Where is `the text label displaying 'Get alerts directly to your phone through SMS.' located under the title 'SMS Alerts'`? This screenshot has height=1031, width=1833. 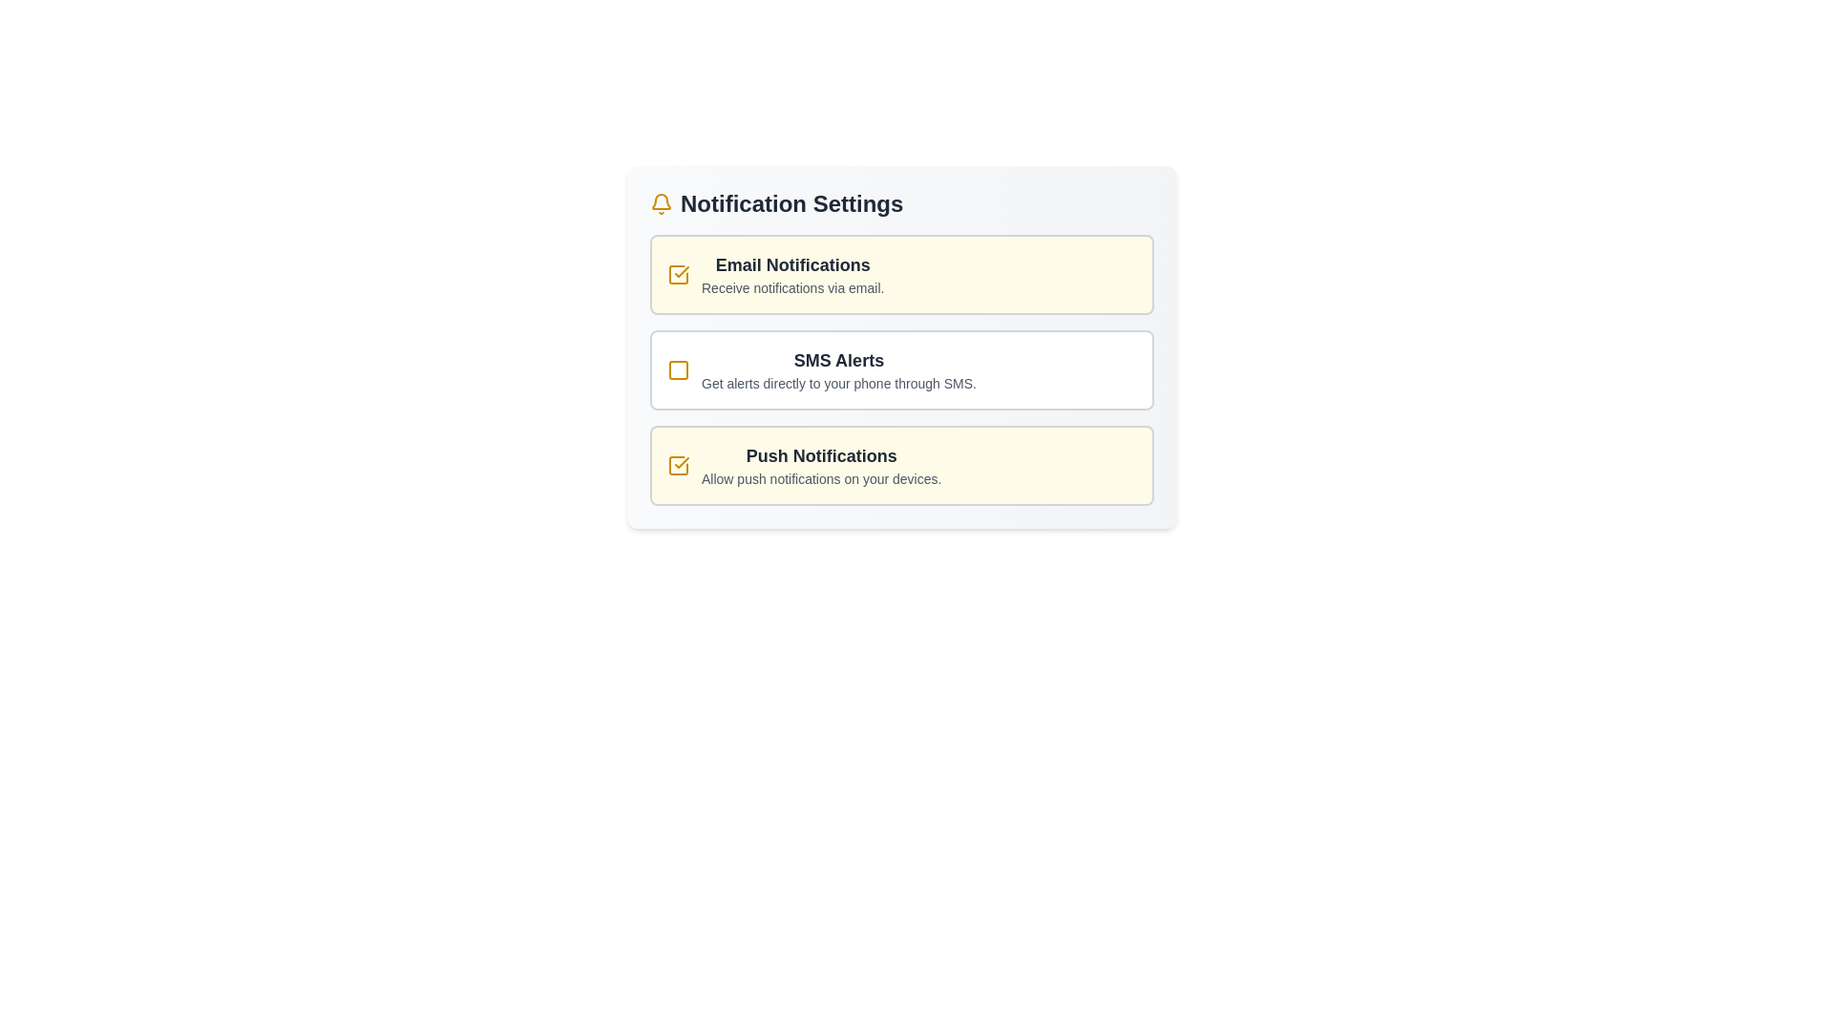
the text label displaying 'Get alerts directly to your phone through SMS.' located under the title 'SMS Alerts' is located at coordinates (838, 383).